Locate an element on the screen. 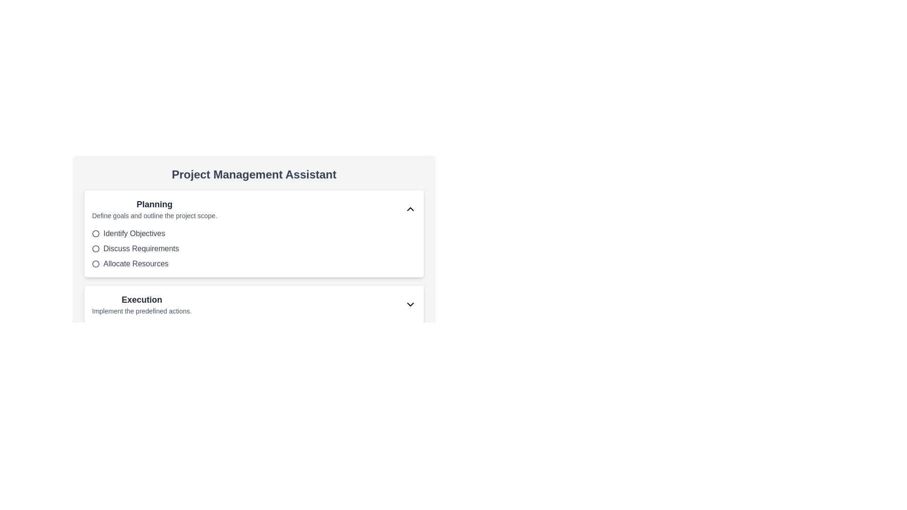 The width and height of the screenshot is (907, 510). the unfilled circular radio button located to the left of the 'Allocate Resources' label in the 'Planning' section is located at coordinates (95, 264).